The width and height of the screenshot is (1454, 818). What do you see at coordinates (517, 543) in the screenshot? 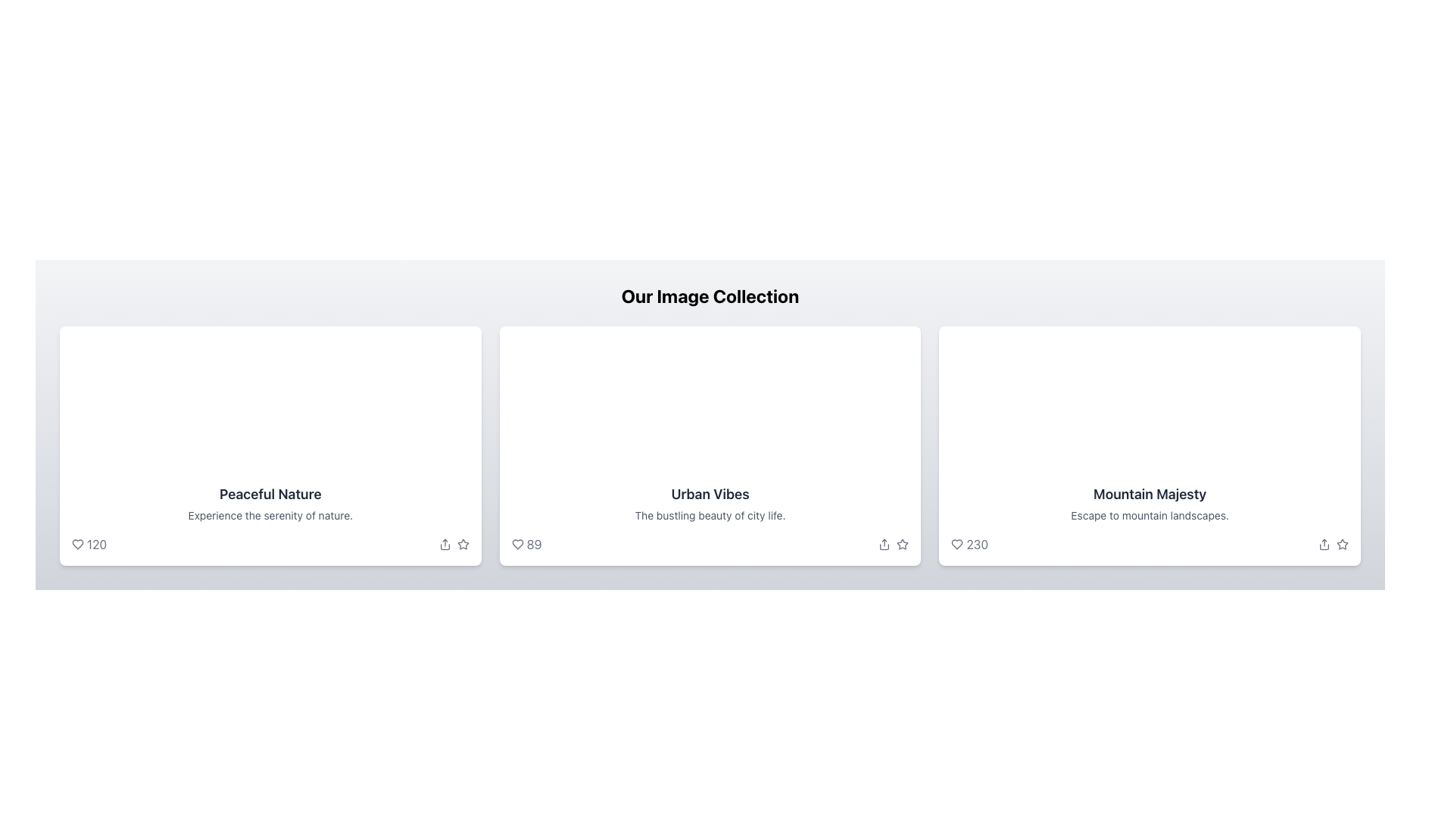
I see `the 'like' or 'favorite' icon located to the left of the text '89' under the 'Urban Vibes' card in the center of the interface` at bounding box center [517, 543].